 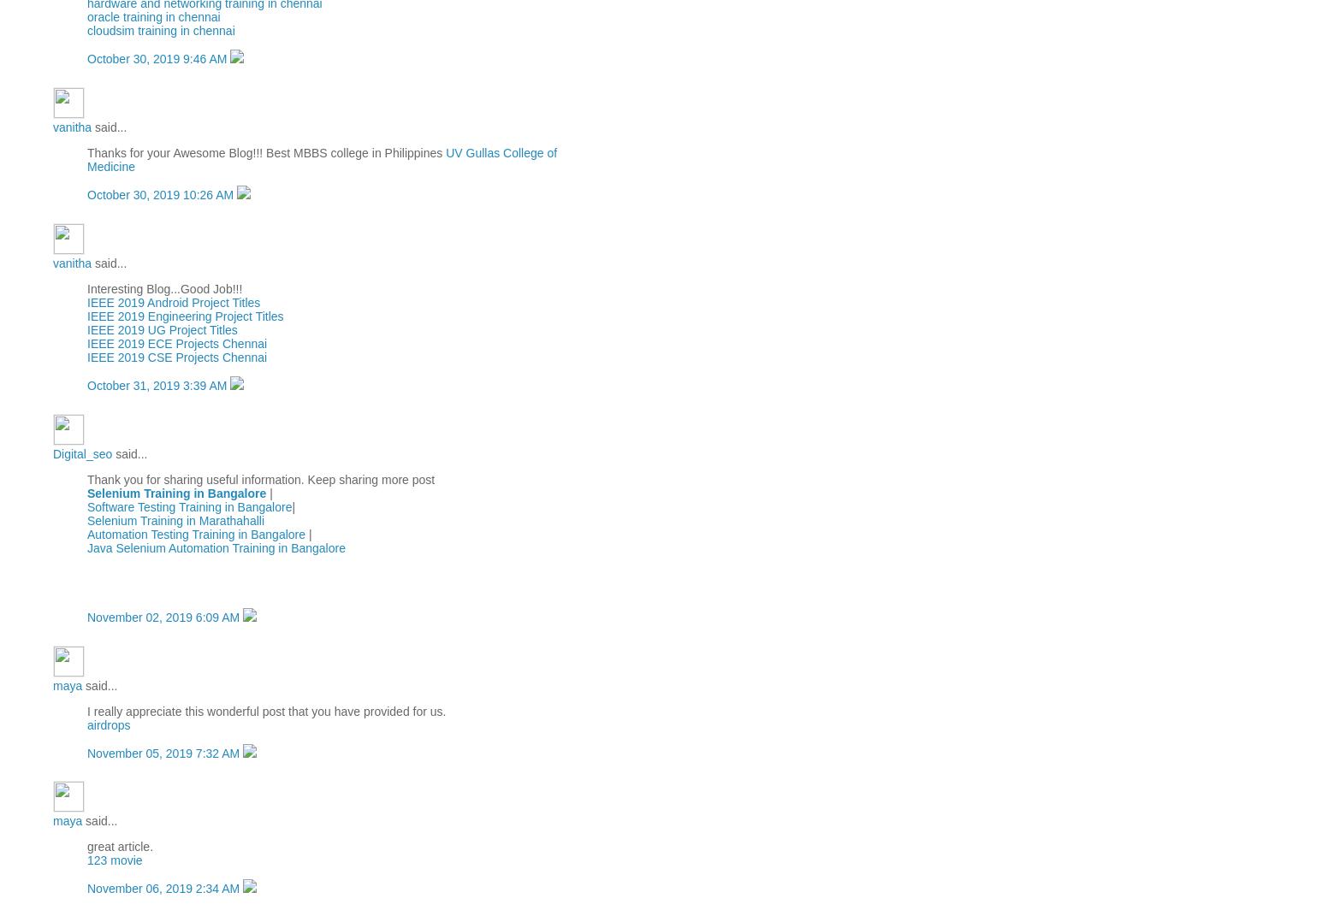 What do you see at coordinates (107, 724) in the screenshot?
I see `'airdrops'` at bounding box center [107, 724].